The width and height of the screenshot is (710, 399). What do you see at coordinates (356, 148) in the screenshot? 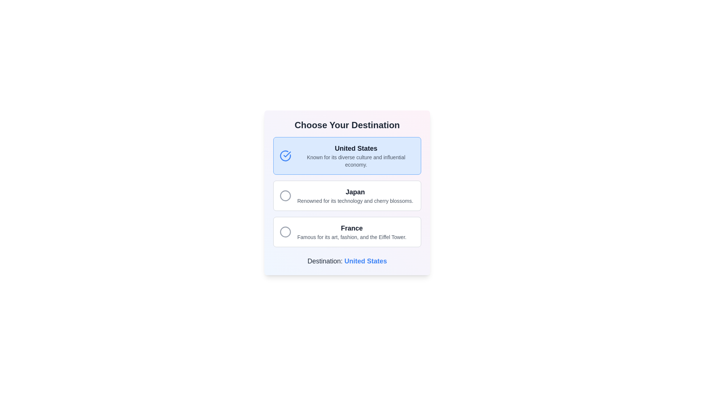
I see `the 'United States' text label, which is the first selectable option under the heading 'Choose Your Destination.'` at bounding box center [356, 148].